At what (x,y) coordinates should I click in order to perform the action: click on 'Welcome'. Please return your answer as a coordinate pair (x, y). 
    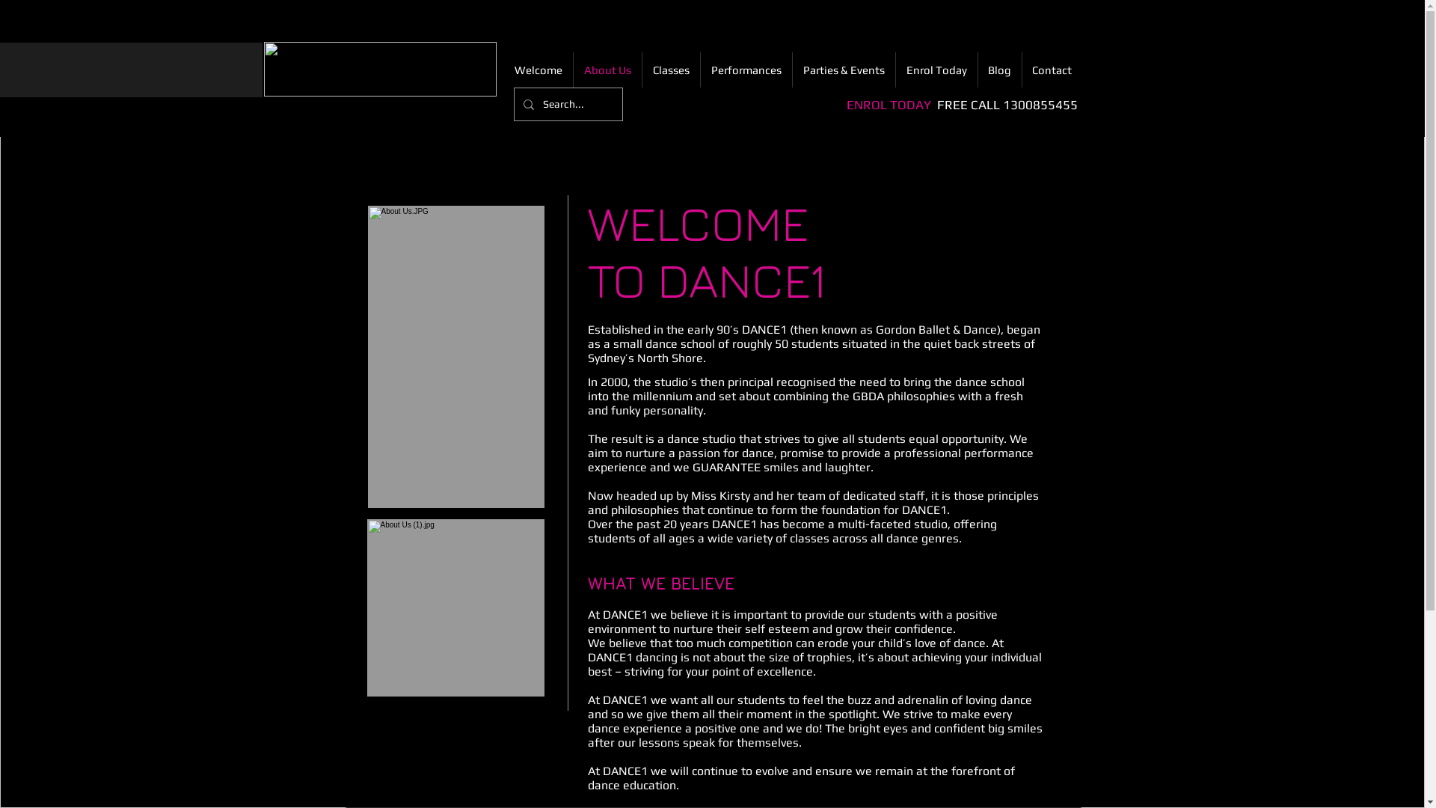
    Looking at the image, I should click on (538, 70).